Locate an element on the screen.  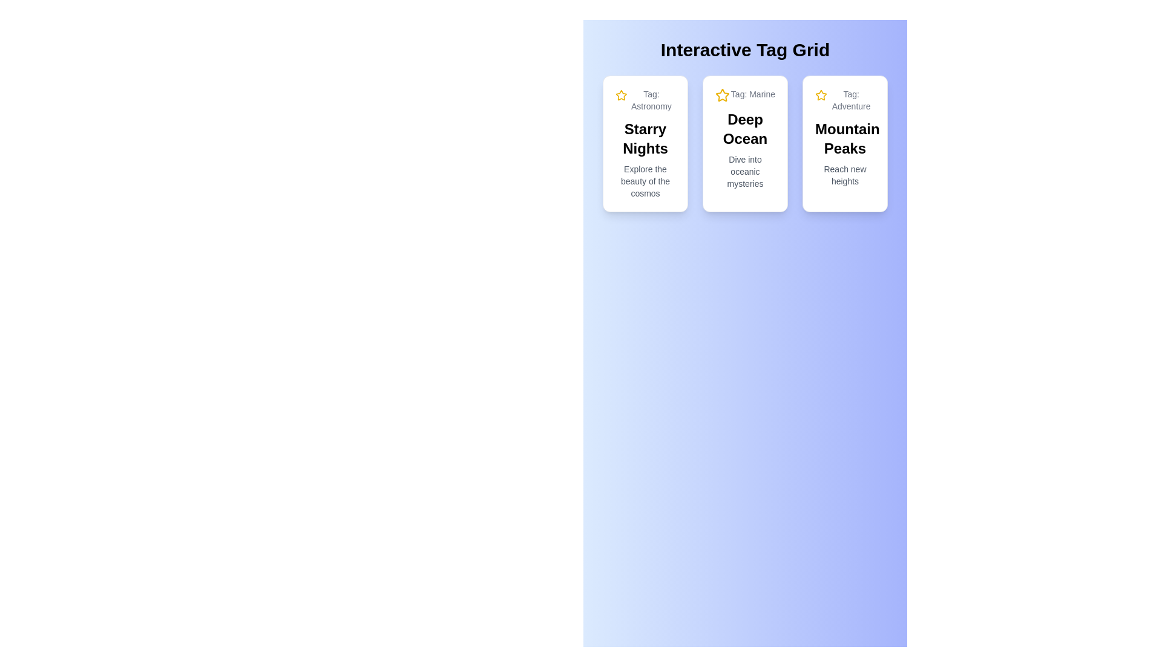
the bold text label 'Deep Ocean' which is centrally located in the 'Tag: Marine' card, positioned below the tag title and above the descriptive subtitle text is located at coordinates (744, 129).